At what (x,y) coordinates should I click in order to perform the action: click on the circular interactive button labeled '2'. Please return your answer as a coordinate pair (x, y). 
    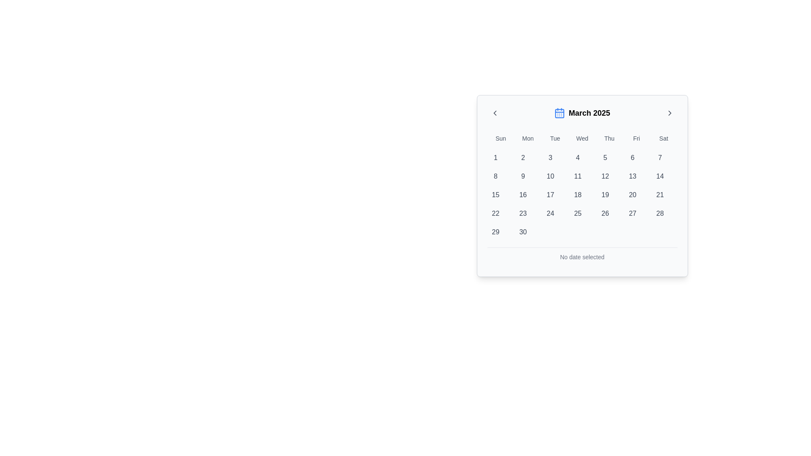
    Looking at the image, I should click on (523, 158).